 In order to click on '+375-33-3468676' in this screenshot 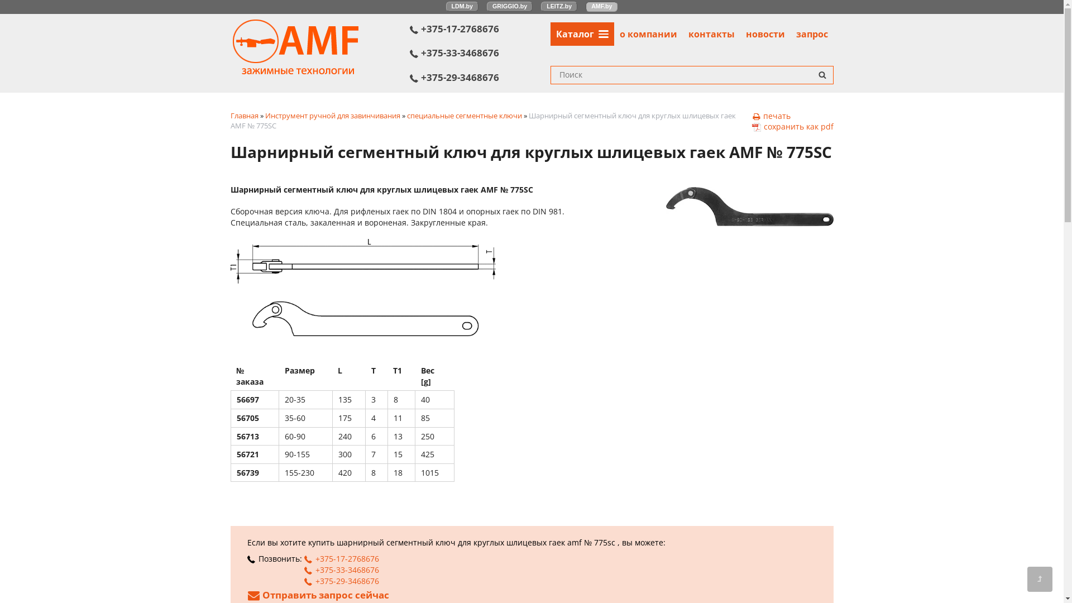, I will do `click(340, 569)`.